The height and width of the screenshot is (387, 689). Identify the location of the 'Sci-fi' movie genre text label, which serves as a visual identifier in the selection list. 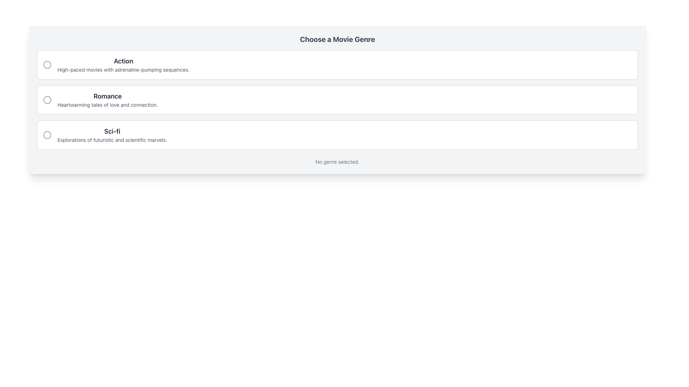
(112, 131).